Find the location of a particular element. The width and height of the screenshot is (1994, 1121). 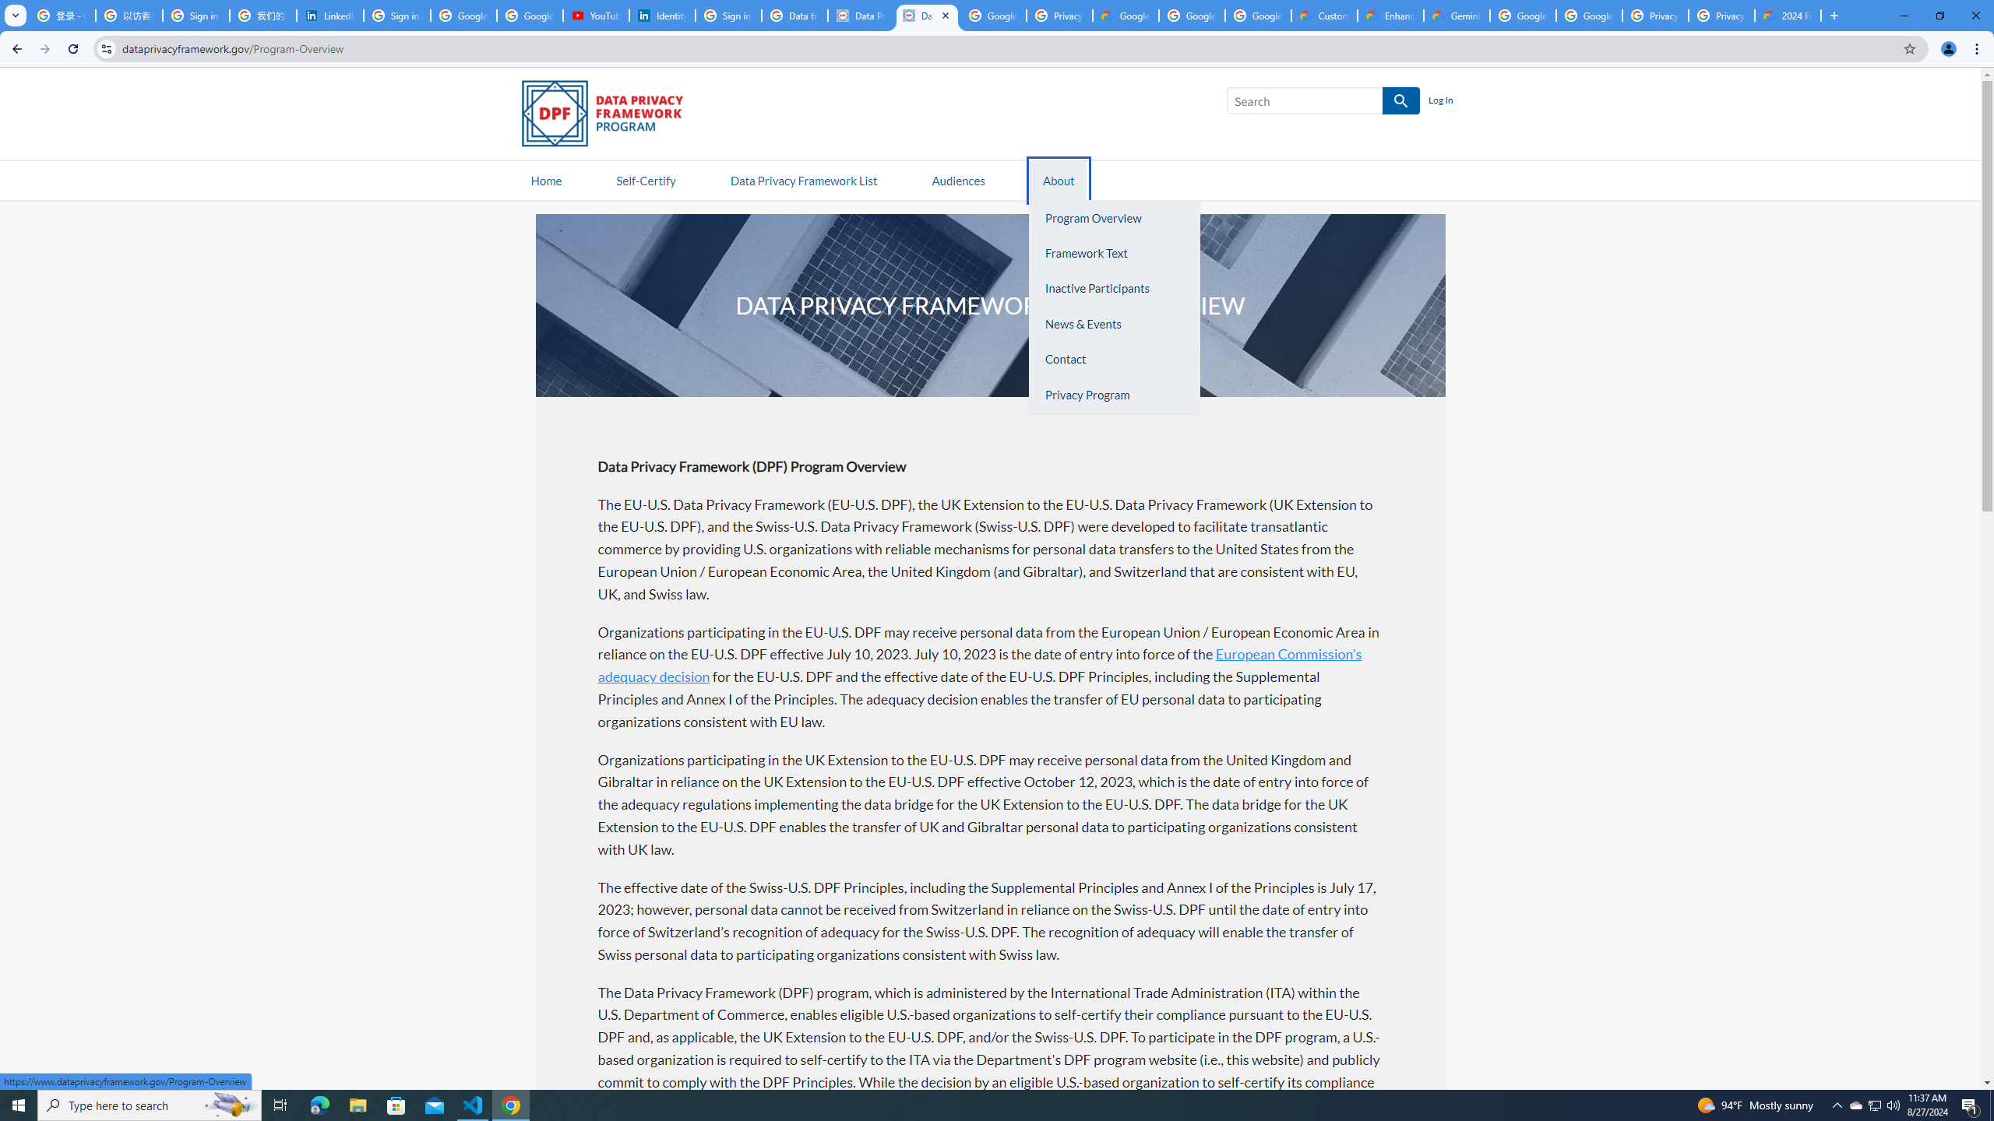

'Data Privacy Framework List' is located at coordinates (803, 179).